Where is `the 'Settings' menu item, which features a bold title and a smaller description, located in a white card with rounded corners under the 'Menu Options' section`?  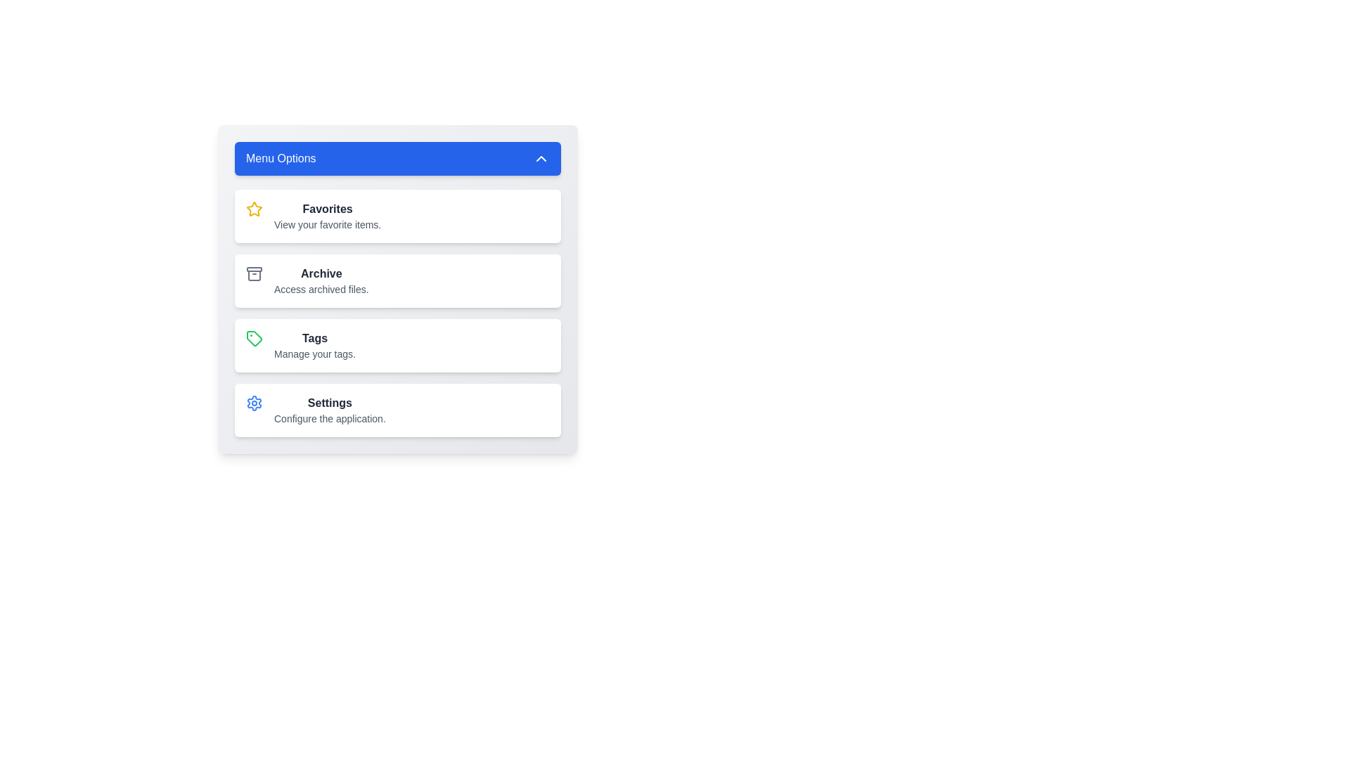 the 'Settings' menu item, which features a bold title and a smaller description, located in a white card with rounded corners under the 'Menu Options' section is located at coordinates (329, 410).